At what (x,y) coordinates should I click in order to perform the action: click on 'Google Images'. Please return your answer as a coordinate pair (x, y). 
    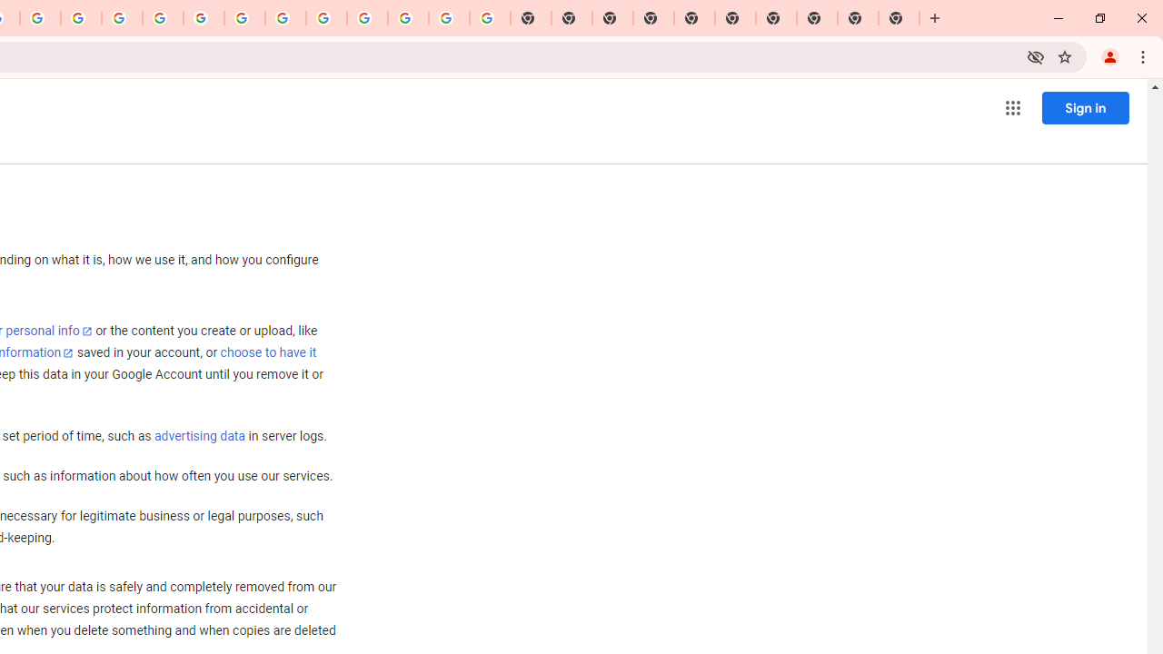
    Looking at the image, I should click on (490, 18).